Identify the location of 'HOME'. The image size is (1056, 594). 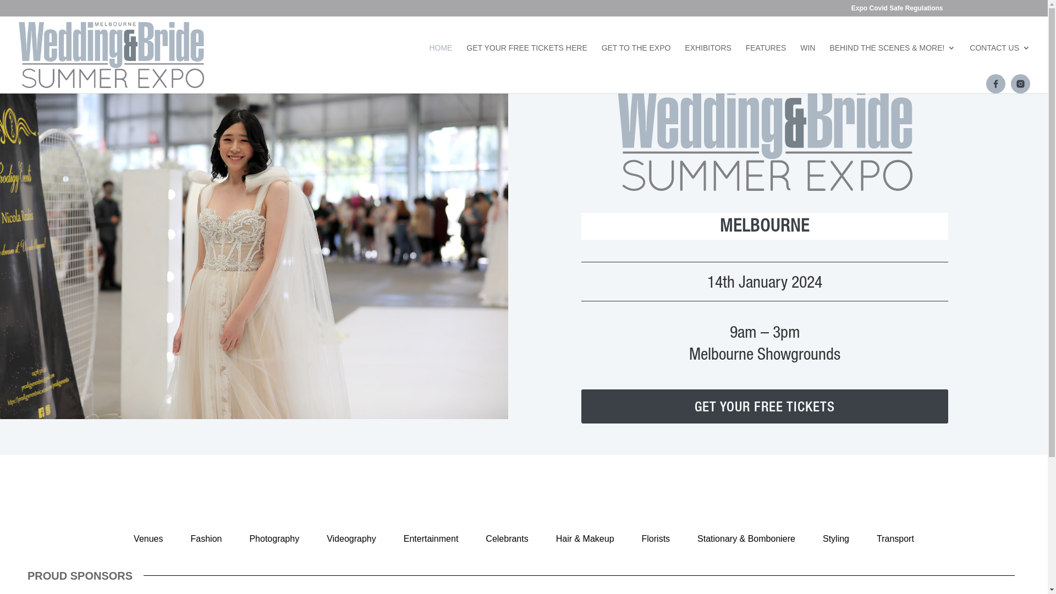
(428, 61).